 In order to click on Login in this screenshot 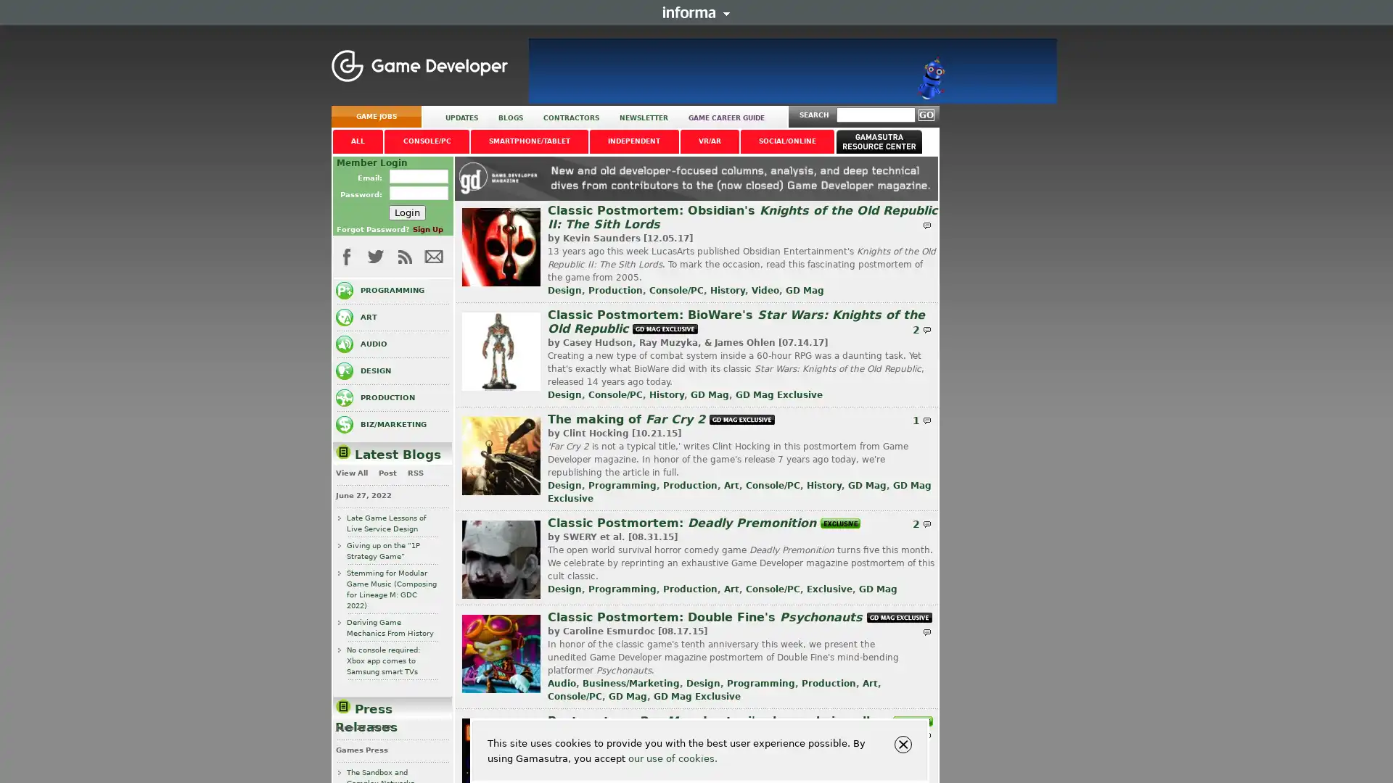, I will do `click(406, 212)`.